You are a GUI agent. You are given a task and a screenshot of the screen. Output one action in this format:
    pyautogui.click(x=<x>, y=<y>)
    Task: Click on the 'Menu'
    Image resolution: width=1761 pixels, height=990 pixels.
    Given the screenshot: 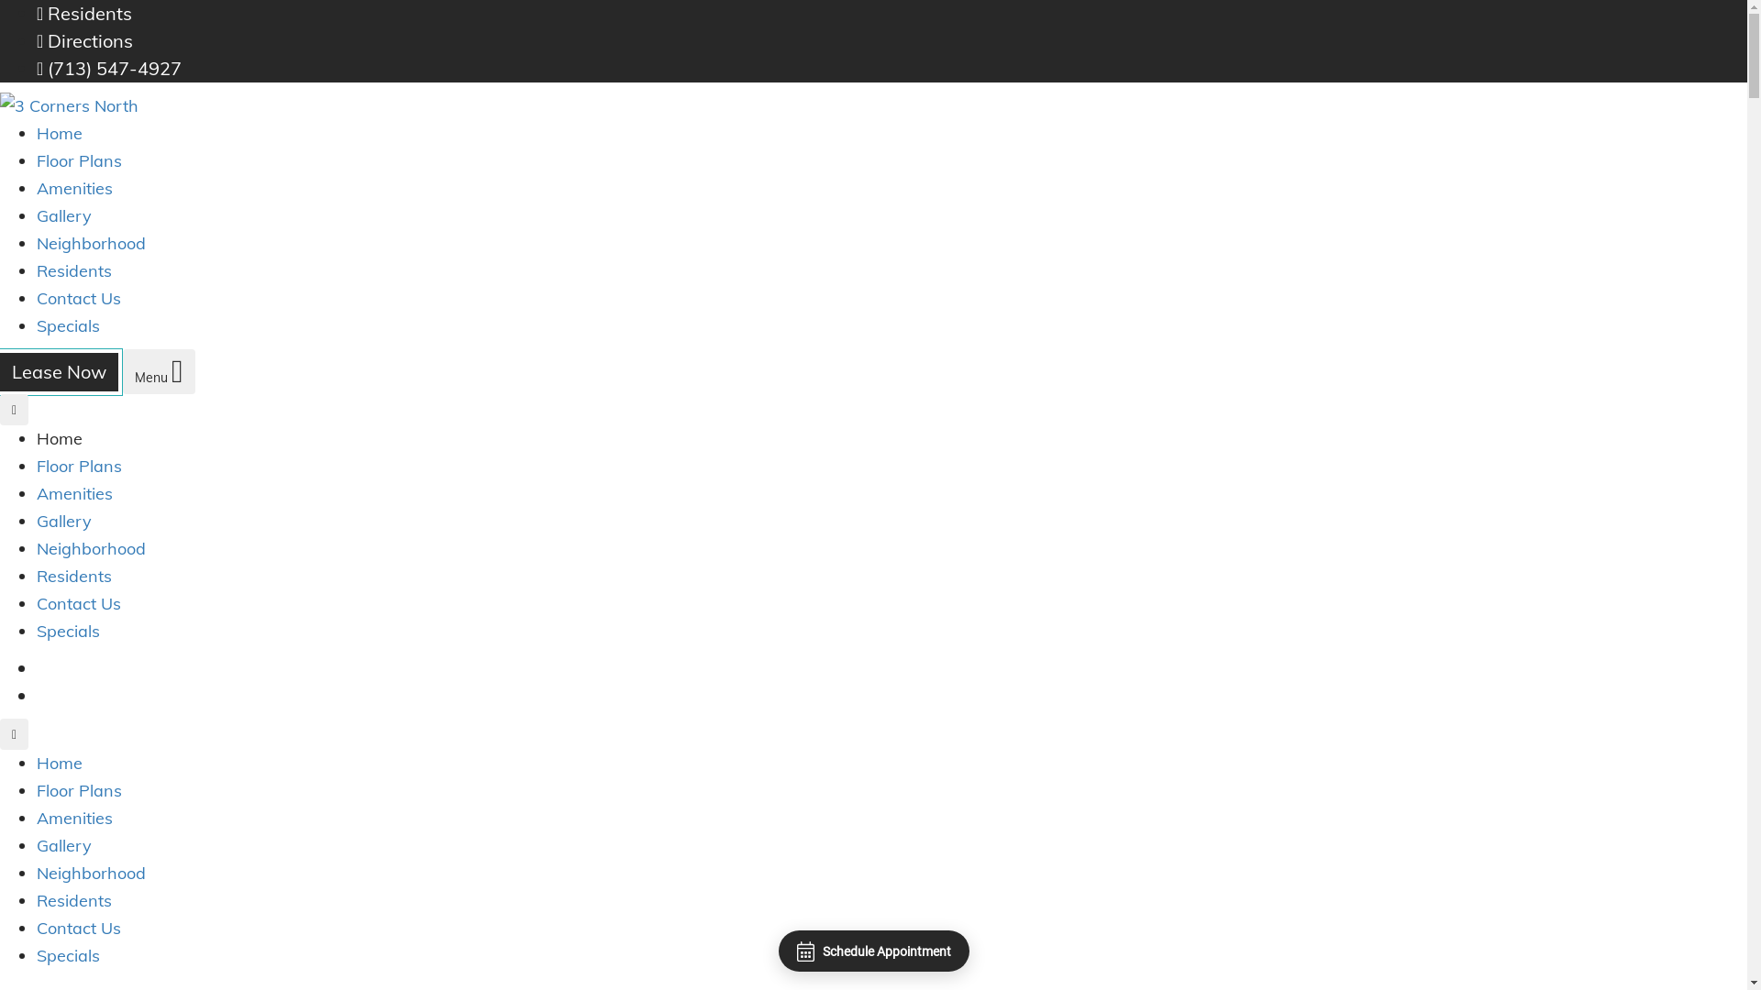 What is the action you would take?
    pyautogui.click(x=159, y=371)
    